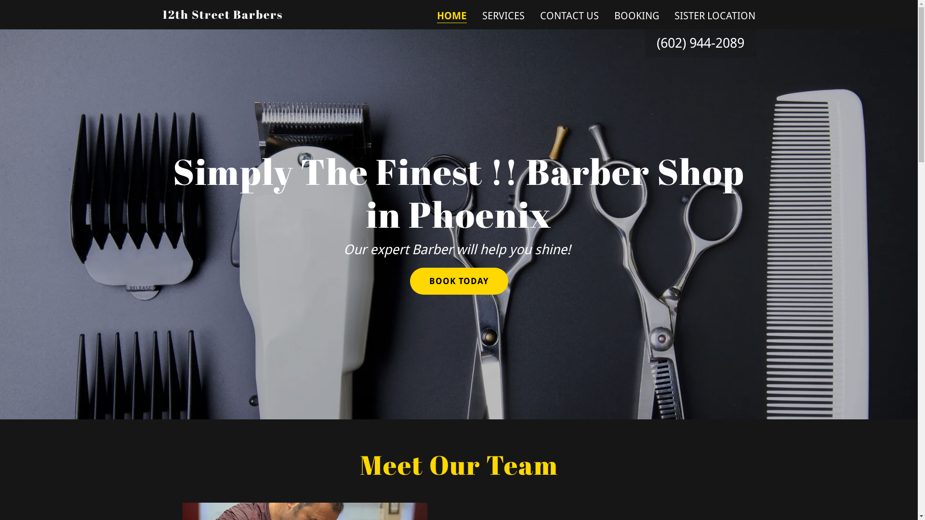 The width and height of the screenshot is (925, 520). What do you see at coordinates (221, 15) in the screenshot?
I see `'12th Street Barbers'` at bounding box center [221, 15].